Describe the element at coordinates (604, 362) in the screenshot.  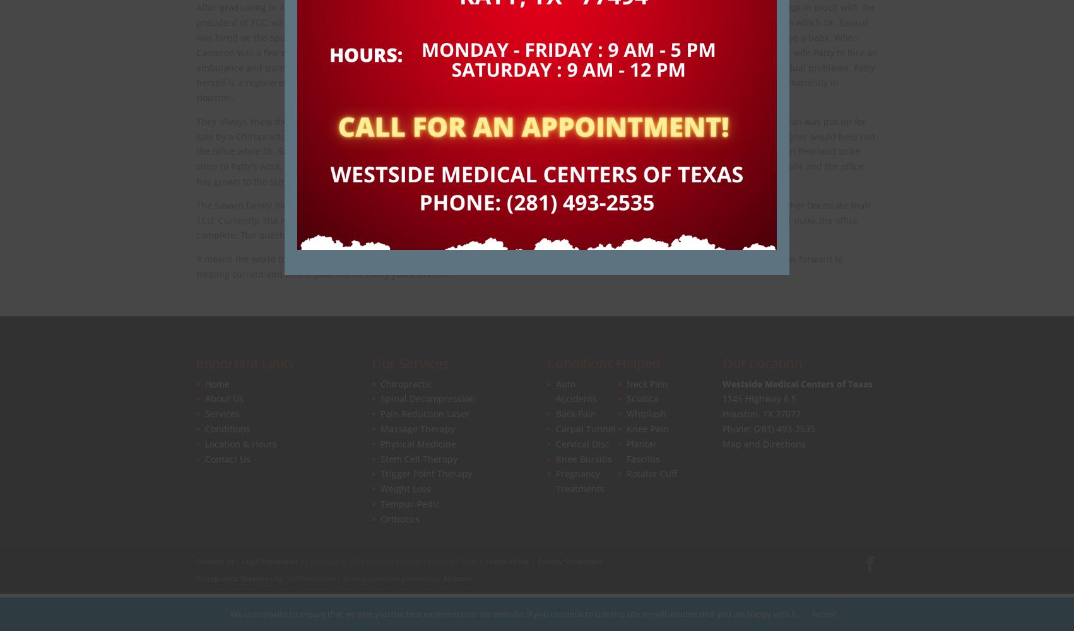
I see `'Conditions Helped'` at that location.